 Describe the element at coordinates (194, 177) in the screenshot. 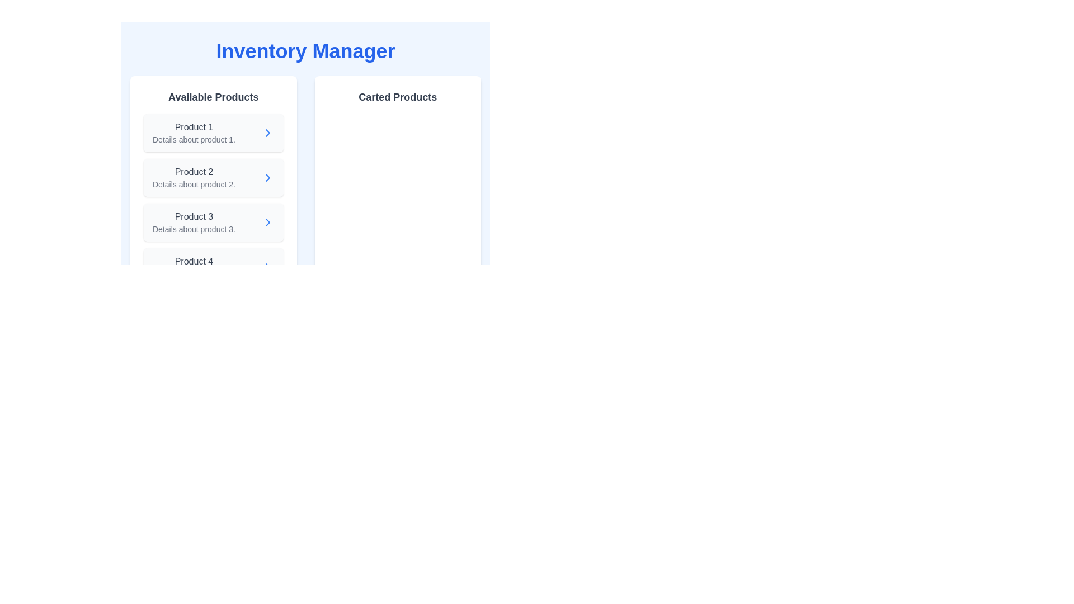

I see `the second item` at that location.